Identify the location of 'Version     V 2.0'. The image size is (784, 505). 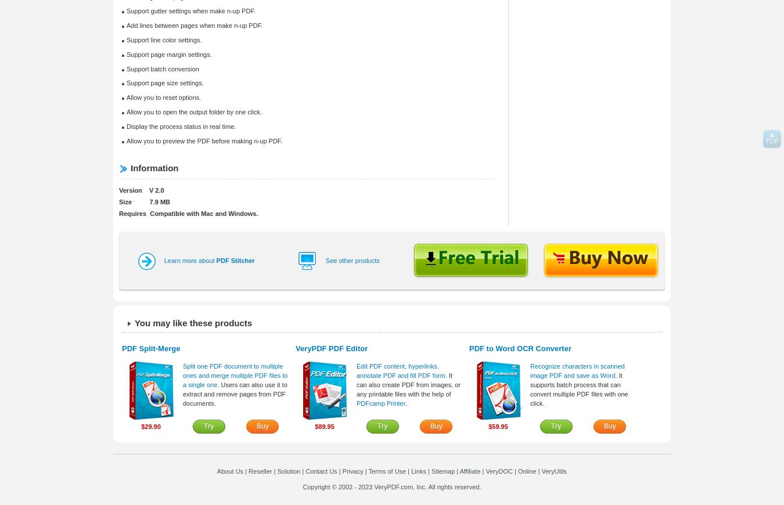
(119, 190).